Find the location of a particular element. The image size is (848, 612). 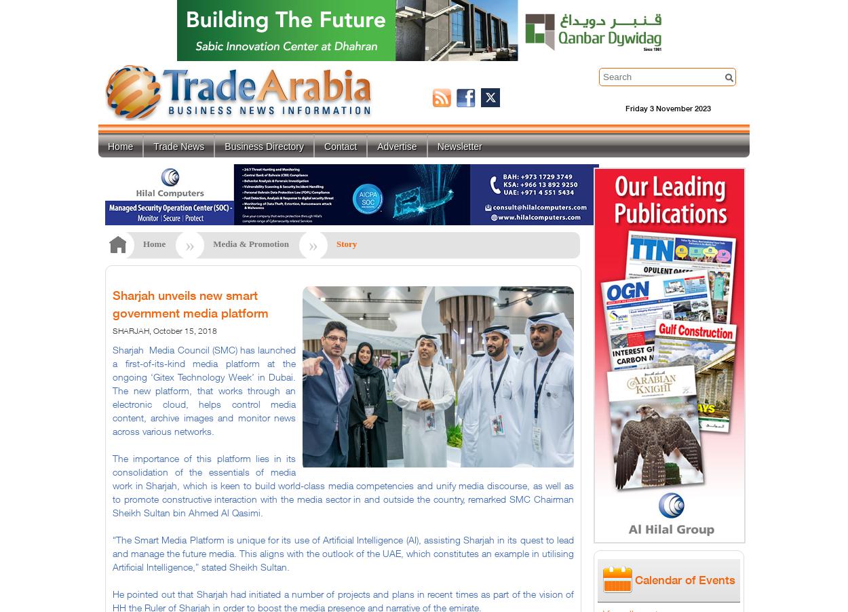

'Story' is located at coordinates (346, 243).